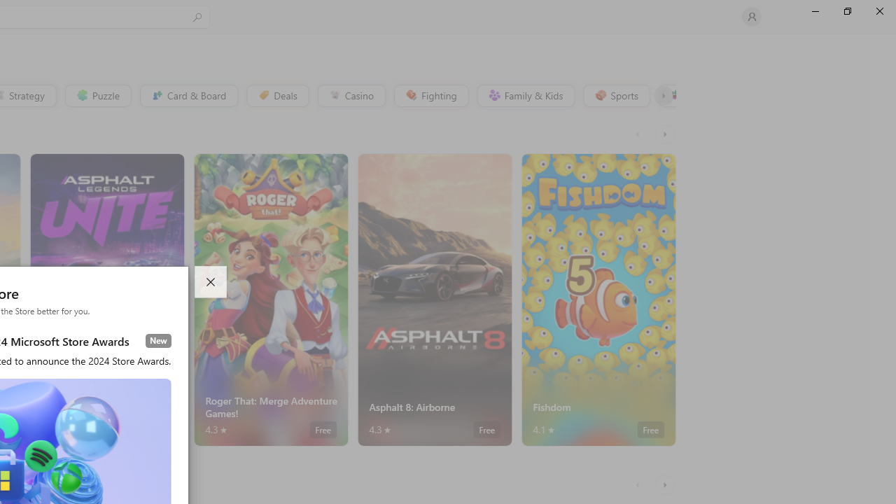 Image resolution: width=896 pixels, height=504 pixels. I want to click on 'Close dialog', so click(209, 282).